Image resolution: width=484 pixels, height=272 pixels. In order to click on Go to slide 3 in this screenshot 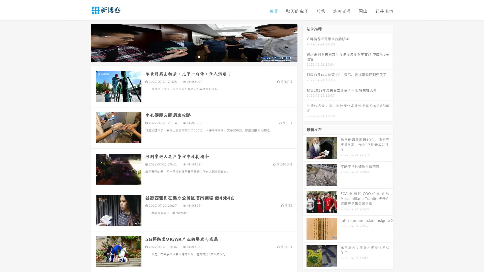, I will do `click(199, 57)`.